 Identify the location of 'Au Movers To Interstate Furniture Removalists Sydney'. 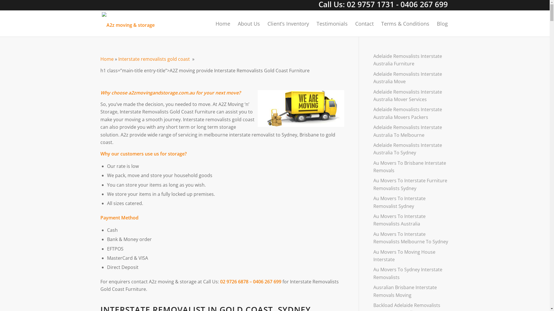
(411, 184).